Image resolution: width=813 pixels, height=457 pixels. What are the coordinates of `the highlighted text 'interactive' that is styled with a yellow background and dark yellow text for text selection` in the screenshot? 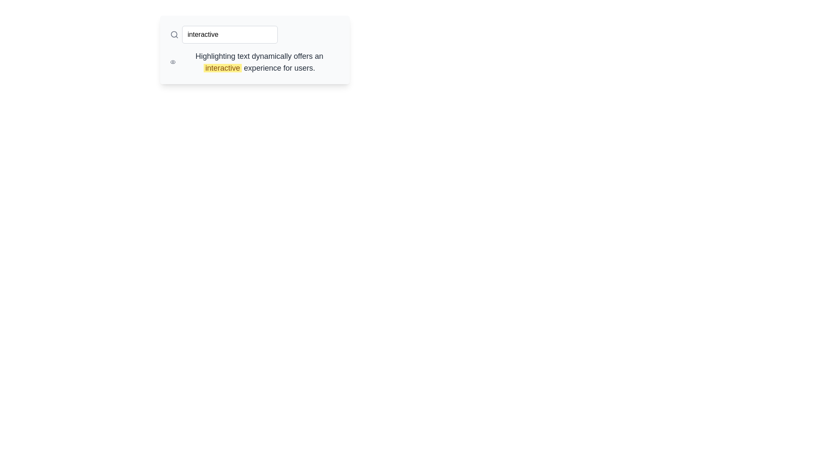 It's located at (223, 68).